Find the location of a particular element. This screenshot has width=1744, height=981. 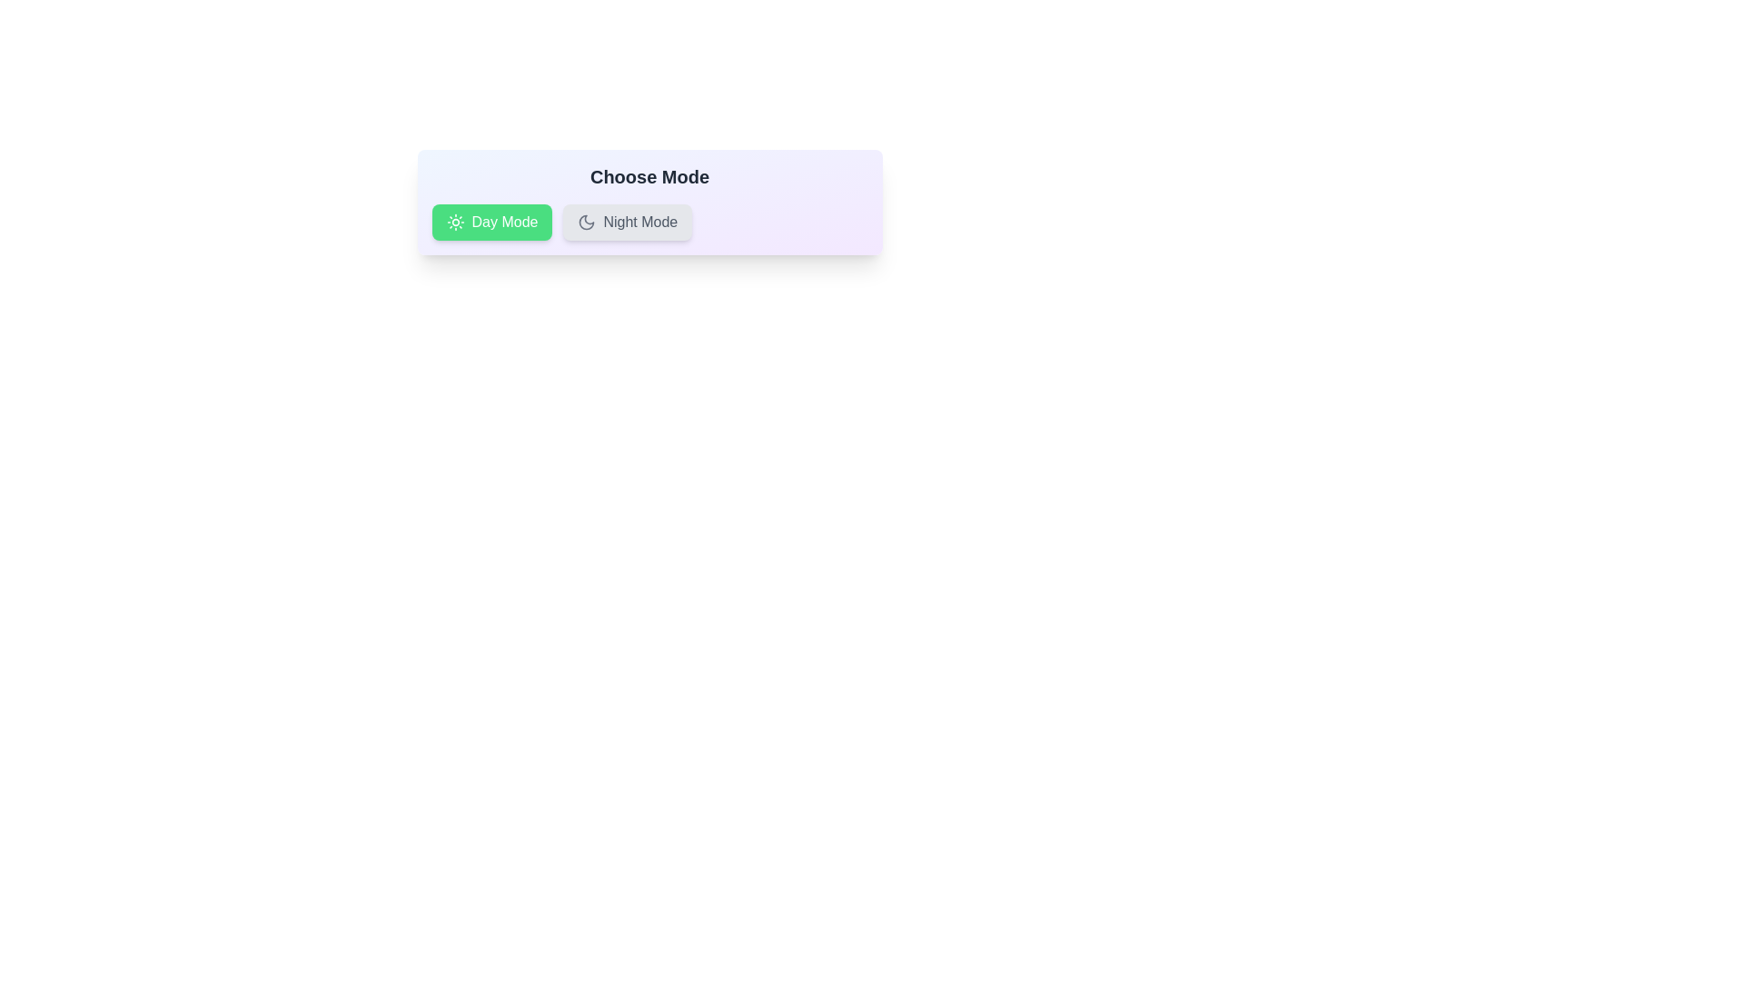

the chip labeled Night Mode to open its context menu is located at coordinates (628, 222).